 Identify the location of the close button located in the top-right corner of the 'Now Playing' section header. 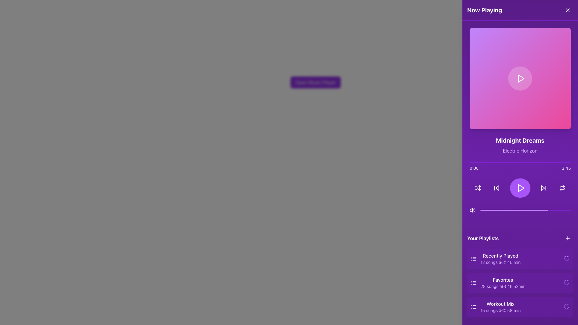
(567, 10).